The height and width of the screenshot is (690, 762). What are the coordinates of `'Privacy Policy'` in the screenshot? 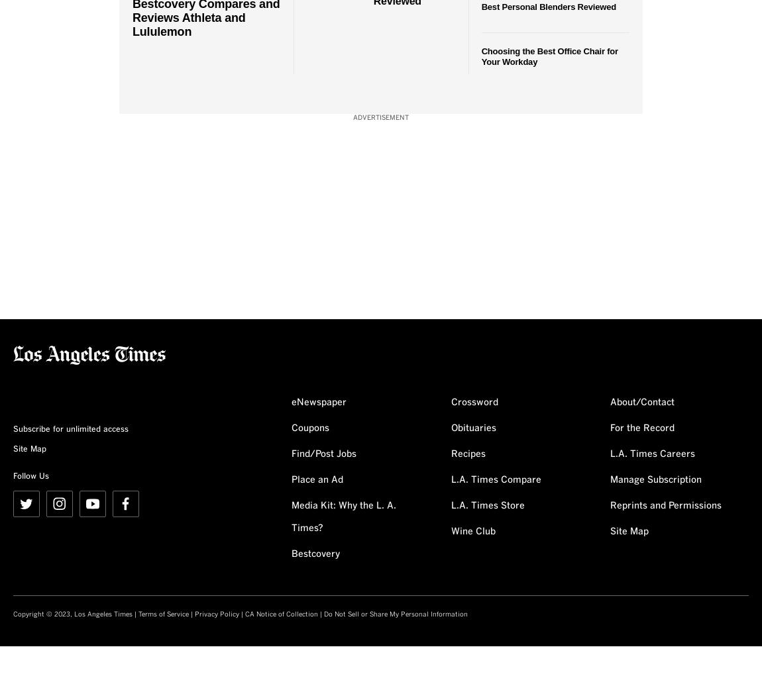 It's located at (217, 613).